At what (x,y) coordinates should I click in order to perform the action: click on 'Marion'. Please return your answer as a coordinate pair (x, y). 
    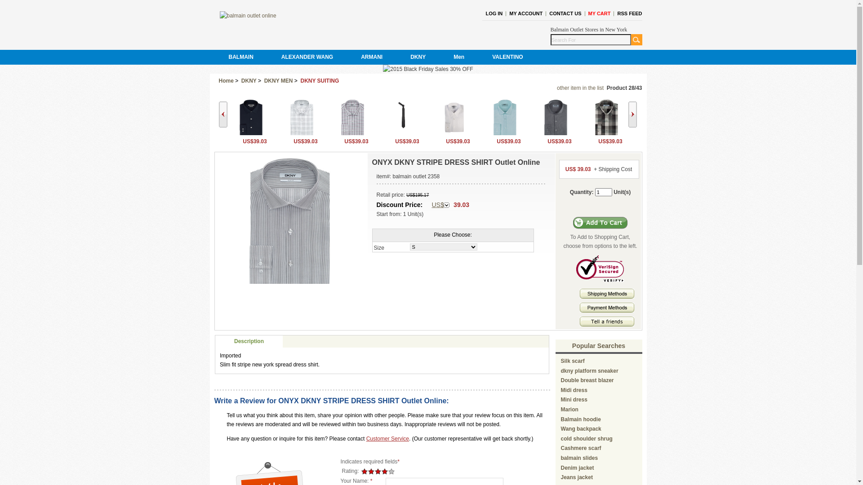
    Looking at the image, I should click on (569, 409).